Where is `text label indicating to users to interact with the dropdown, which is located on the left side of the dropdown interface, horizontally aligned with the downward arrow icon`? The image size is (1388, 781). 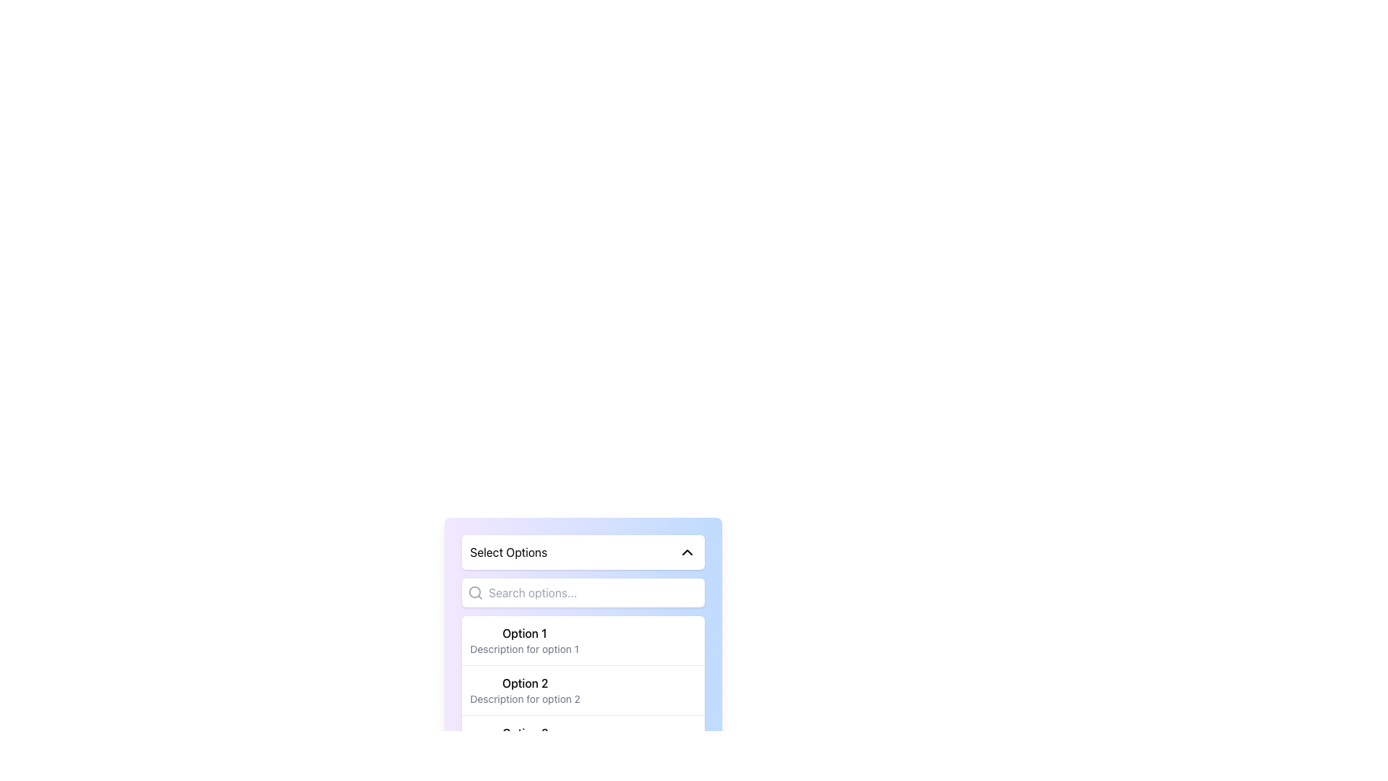
text label indicating to users to interact with the dropdown, which is located on the left side of the dropdown interface, horizontally aligned with the downward arrow icon is located at coordinates (508, 552).